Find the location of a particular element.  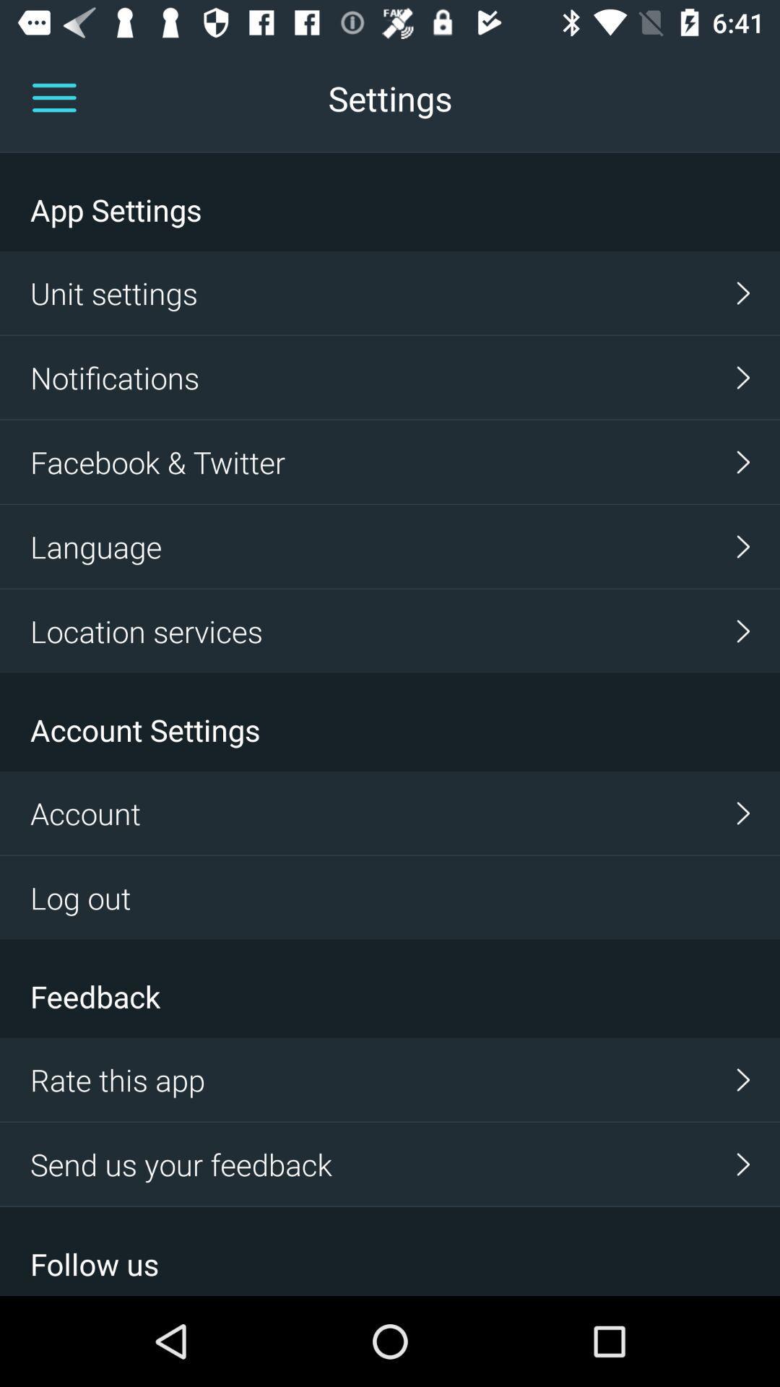

main menu is located at coordinates (53, 98).